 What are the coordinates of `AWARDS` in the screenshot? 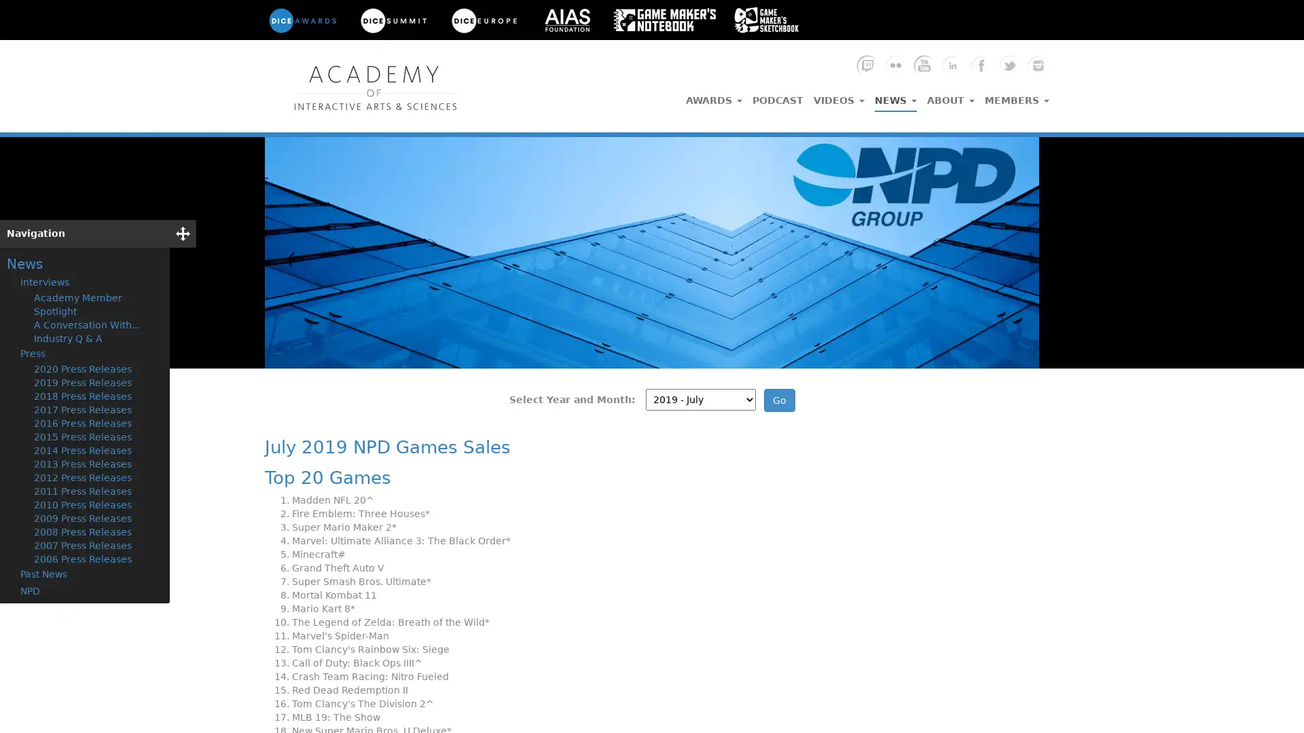 It's located at (713, 96).